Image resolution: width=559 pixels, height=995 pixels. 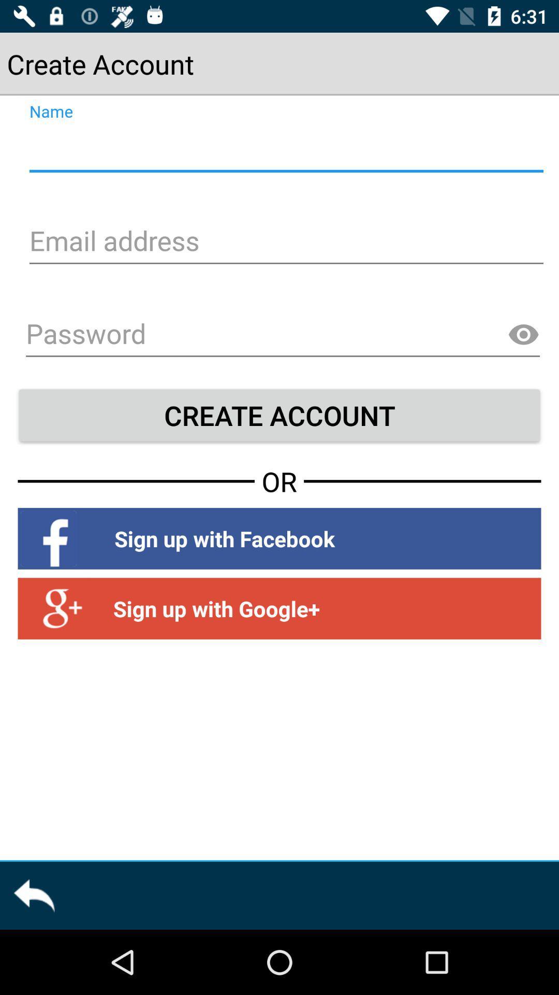 I want to click on password space, so click(x=283, y=335).